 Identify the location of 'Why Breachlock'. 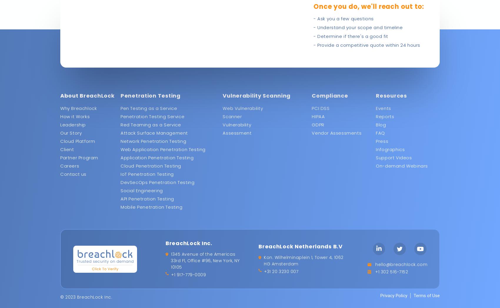
(79, 108).